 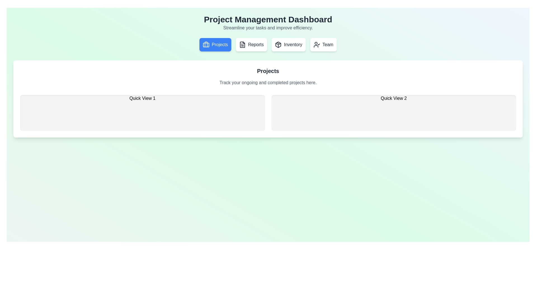 I want to click on the decorative vector graphic segment of the 'Projects' button, which enhances the icon's aesthetic within the top-left part of the dashboard, so click(x=206, y=44).